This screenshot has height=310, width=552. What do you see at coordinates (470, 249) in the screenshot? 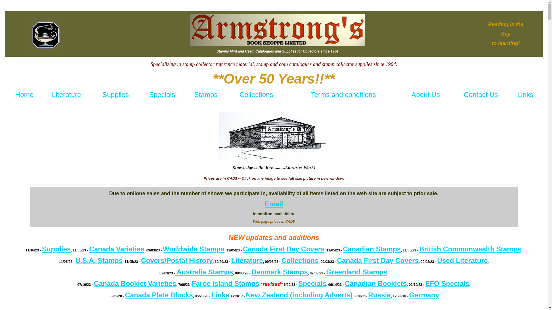
I see `'British Commonwealth Stamps'` at bounding box center [470, 249].